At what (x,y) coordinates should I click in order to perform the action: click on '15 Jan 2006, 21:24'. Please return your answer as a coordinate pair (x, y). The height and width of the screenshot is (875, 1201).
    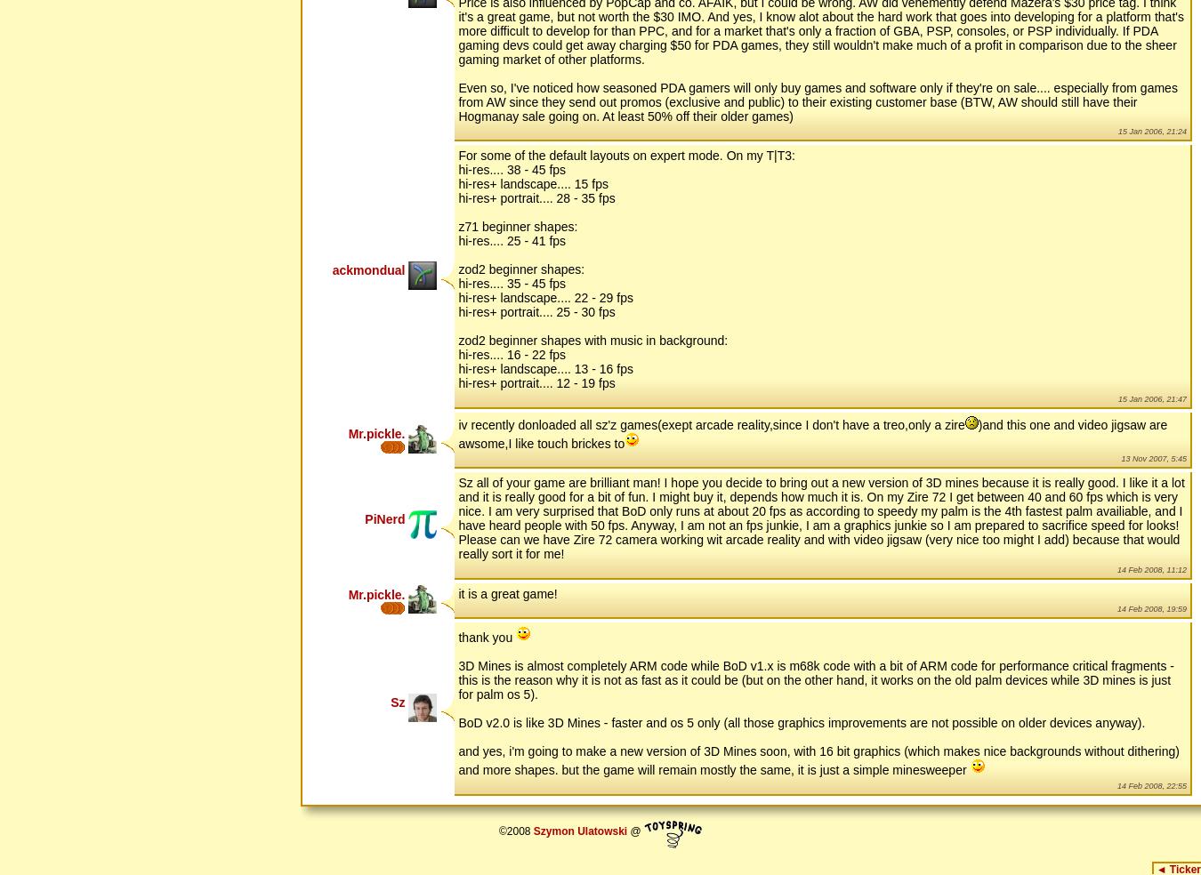
    Looking at the image, I should click on (1152, 131).